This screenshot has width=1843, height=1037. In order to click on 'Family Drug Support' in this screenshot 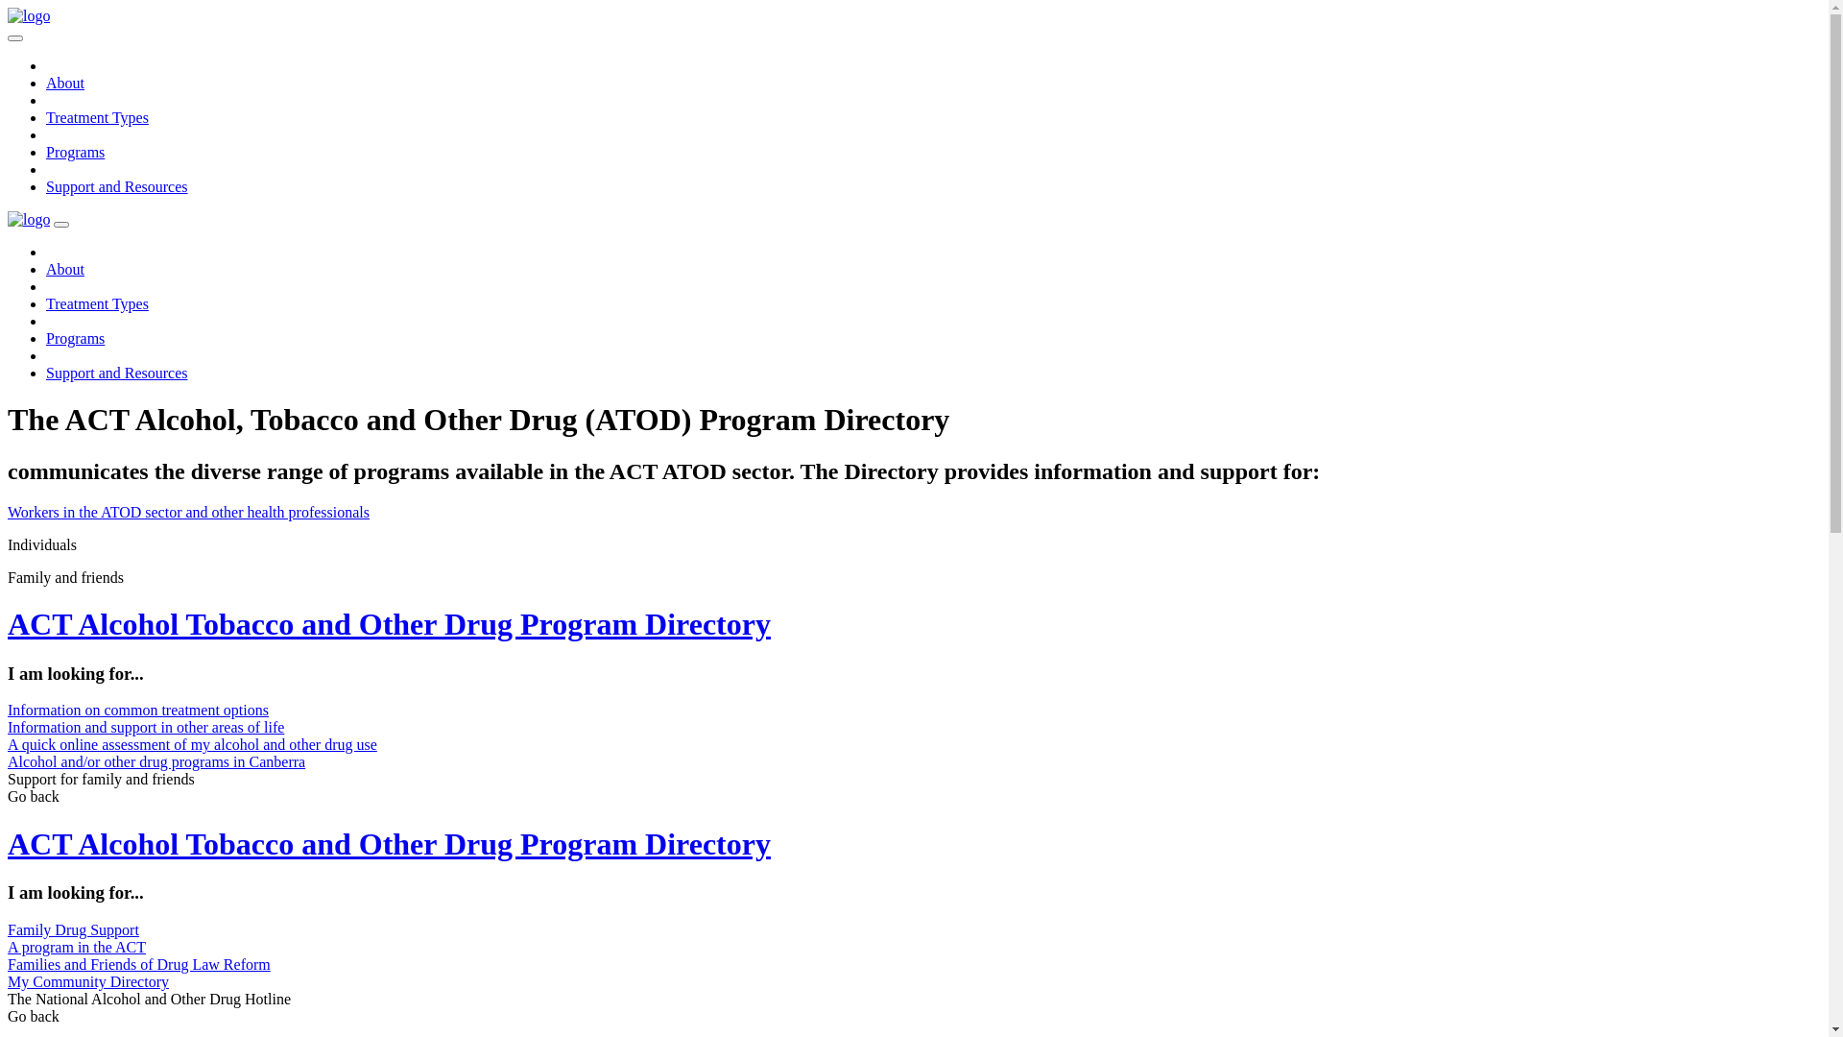, I will do `click(73, 928)`.